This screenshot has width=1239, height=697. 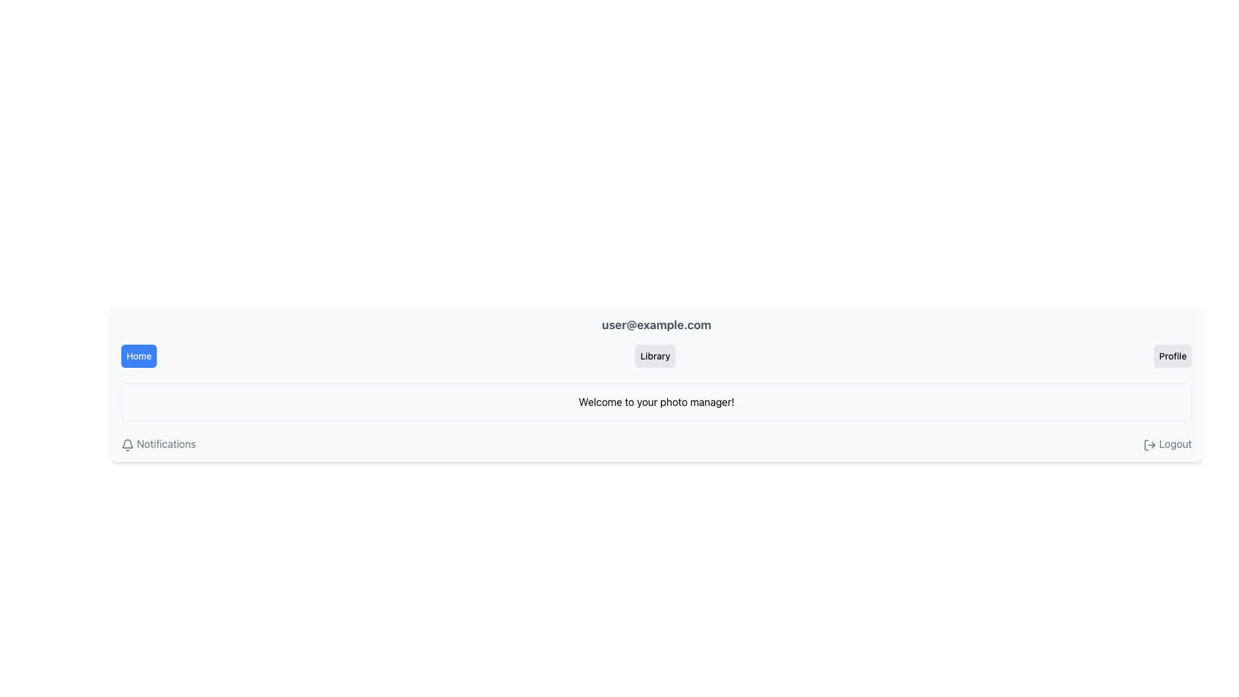 What do you see at coordinates (1167, 443) in the screenshot?
I see `the logout hyperlink with an icon located at the far right end of the horizontal alignment, adjacent to the Notifications link, to trigger potential styling effects` at bounding box center [1167, 443].